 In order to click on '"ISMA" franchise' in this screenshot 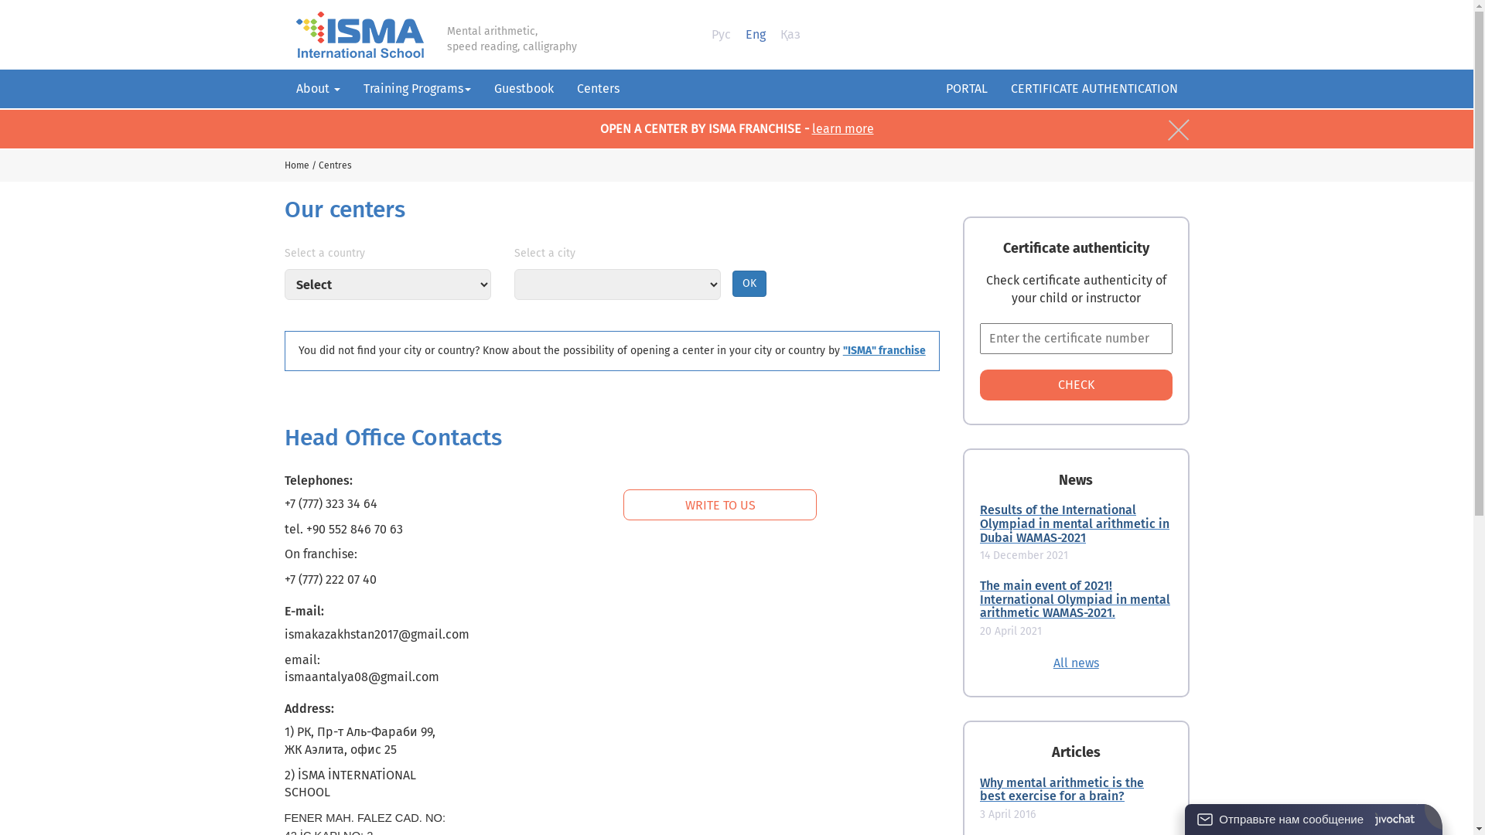, I will do `click(884, 350)`.